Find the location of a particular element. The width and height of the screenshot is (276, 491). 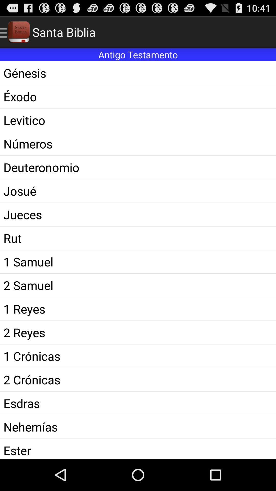

the item above the deuteronomio icon is located at coordinates (138, 143).